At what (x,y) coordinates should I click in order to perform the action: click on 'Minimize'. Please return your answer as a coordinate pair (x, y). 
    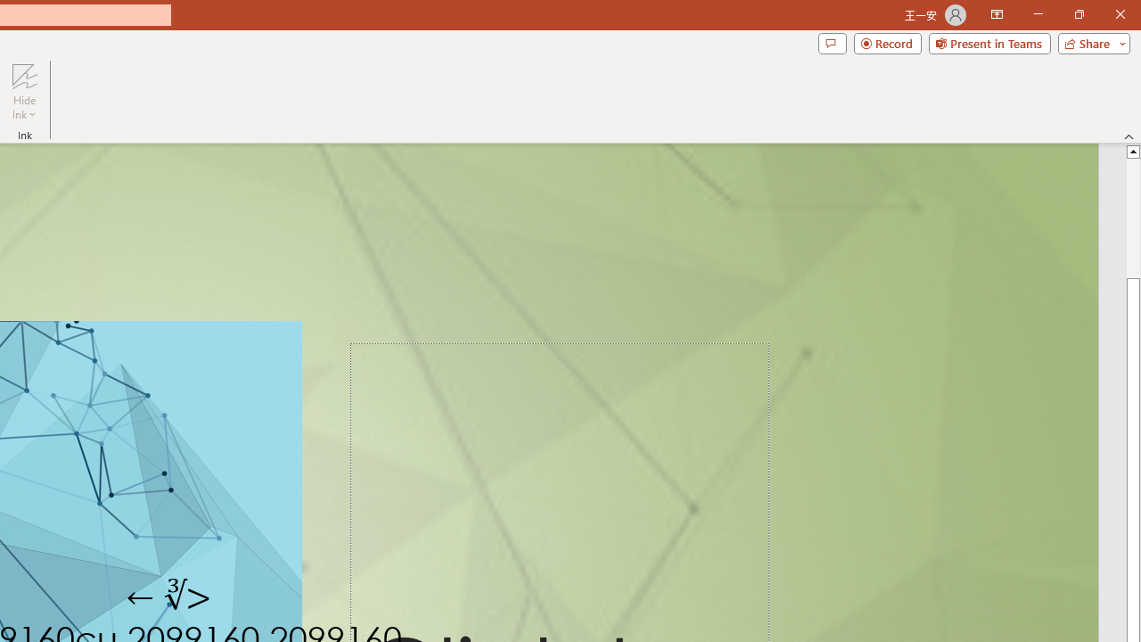
    Looking at the image, I should click on (1038, 14).